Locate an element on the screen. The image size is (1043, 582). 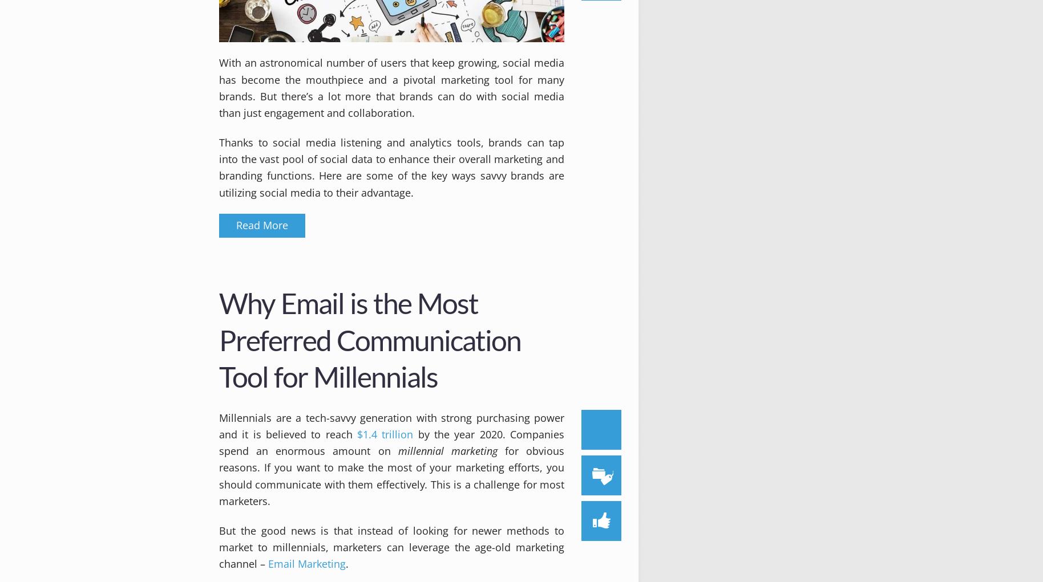
'But the good news is that instead of looking for newer methods to market to millennials, marketers can leverage the age-old marketing channel –' is located at coordinates (391, 546).